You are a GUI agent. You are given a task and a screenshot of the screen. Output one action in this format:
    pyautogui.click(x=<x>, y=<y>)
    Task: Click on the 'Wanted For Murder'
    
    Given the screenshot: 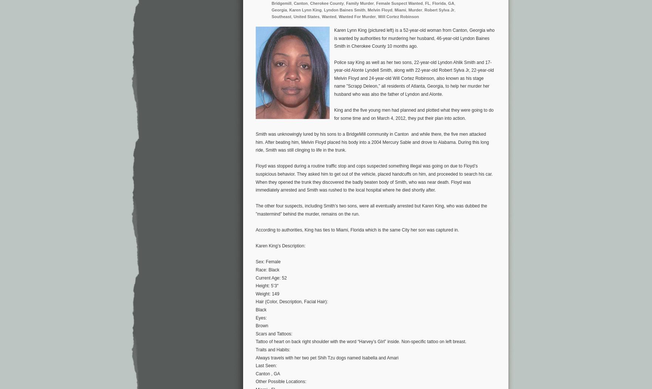 What is the action you would take?
    pyautogui.click(x=357, y=16)
    